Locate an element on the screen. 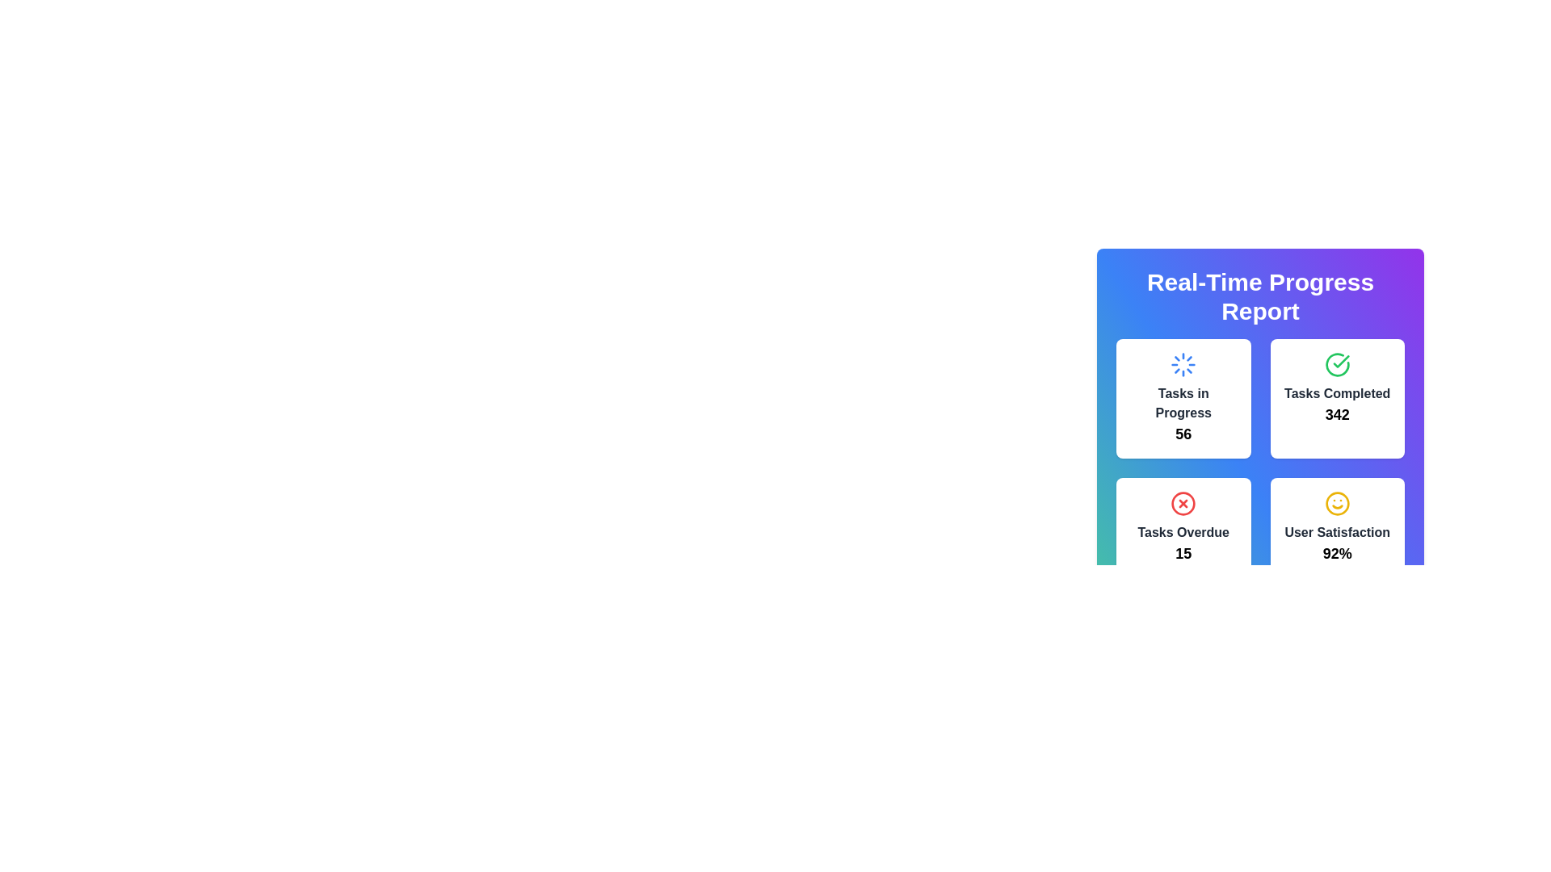 The image size is (1551, 872). the 'Real-Time Progress Report' composite UI element that displays key performance indicators such as active tasks, completed tasks, overdue tasks, and user satisfaction percentage is located at coordinates (1259, 397).